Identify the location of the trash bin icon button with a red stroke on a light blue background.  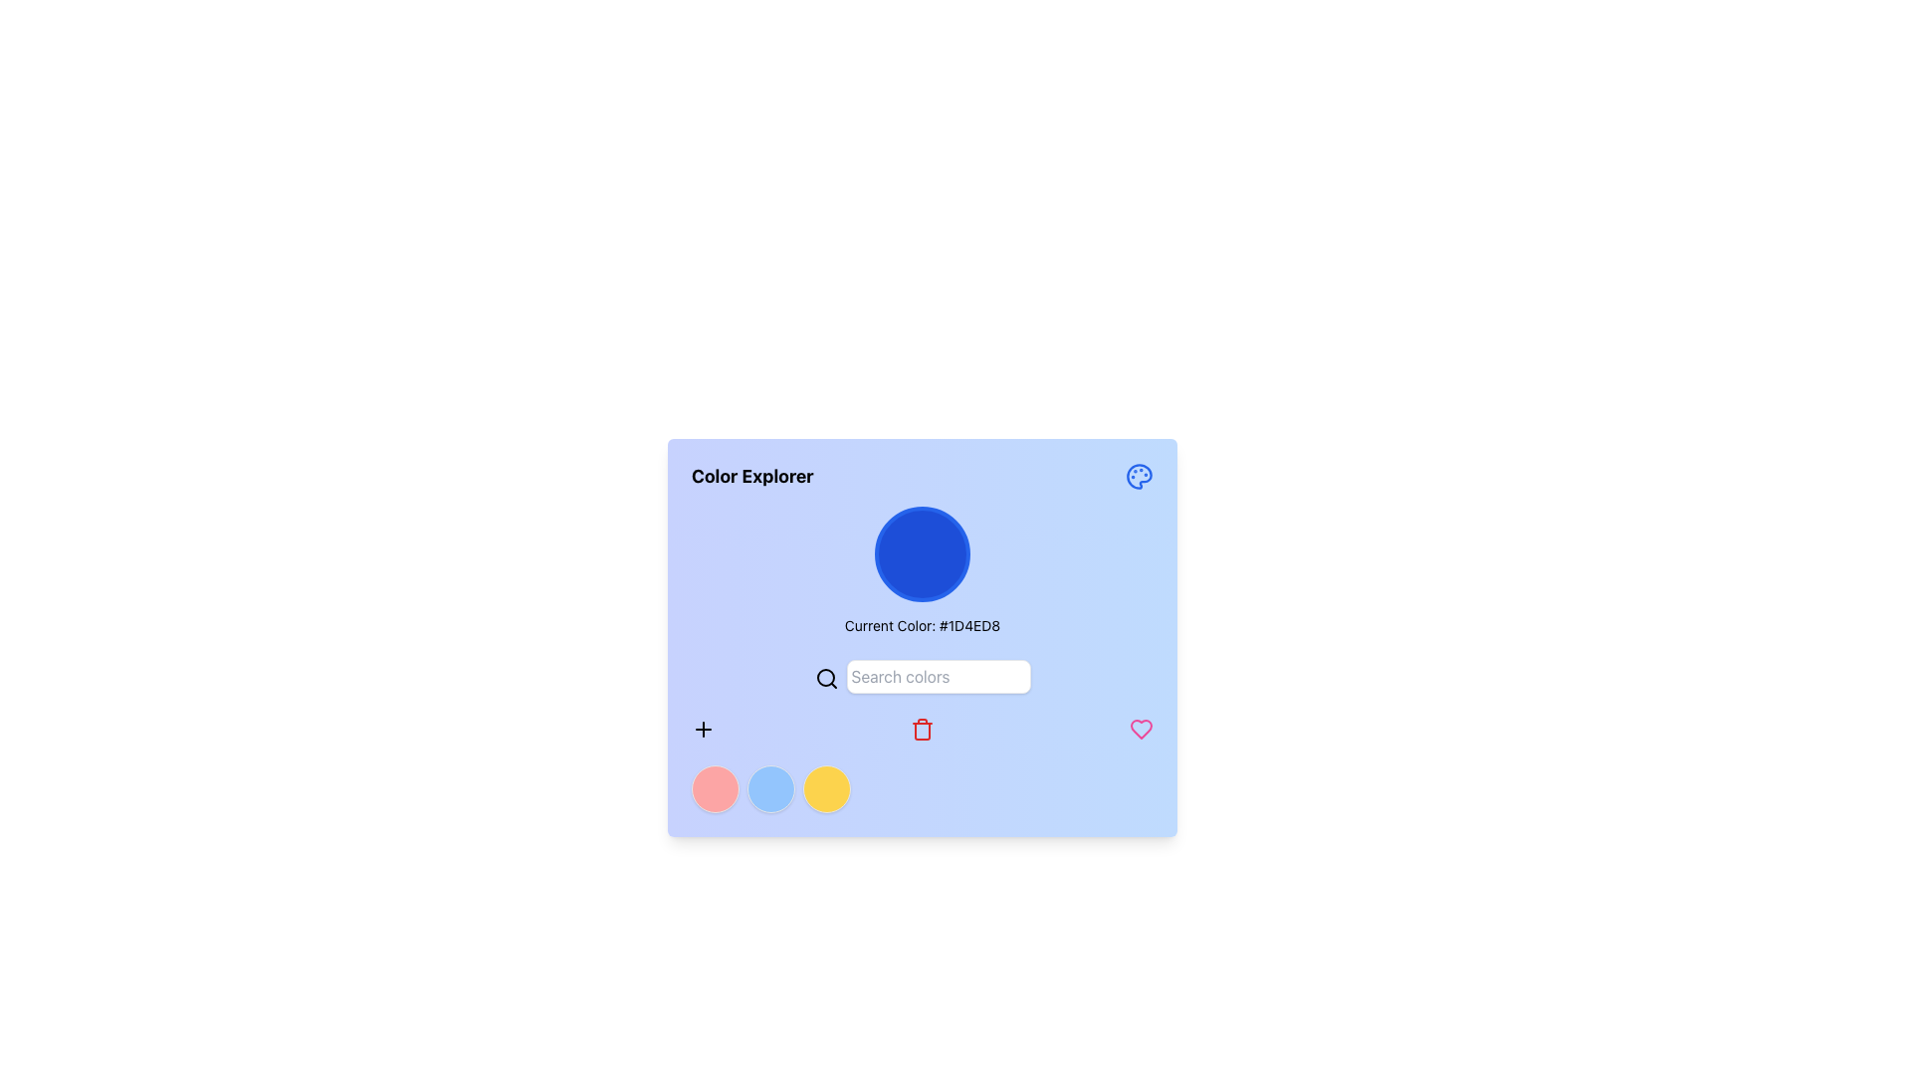
(921, 729).